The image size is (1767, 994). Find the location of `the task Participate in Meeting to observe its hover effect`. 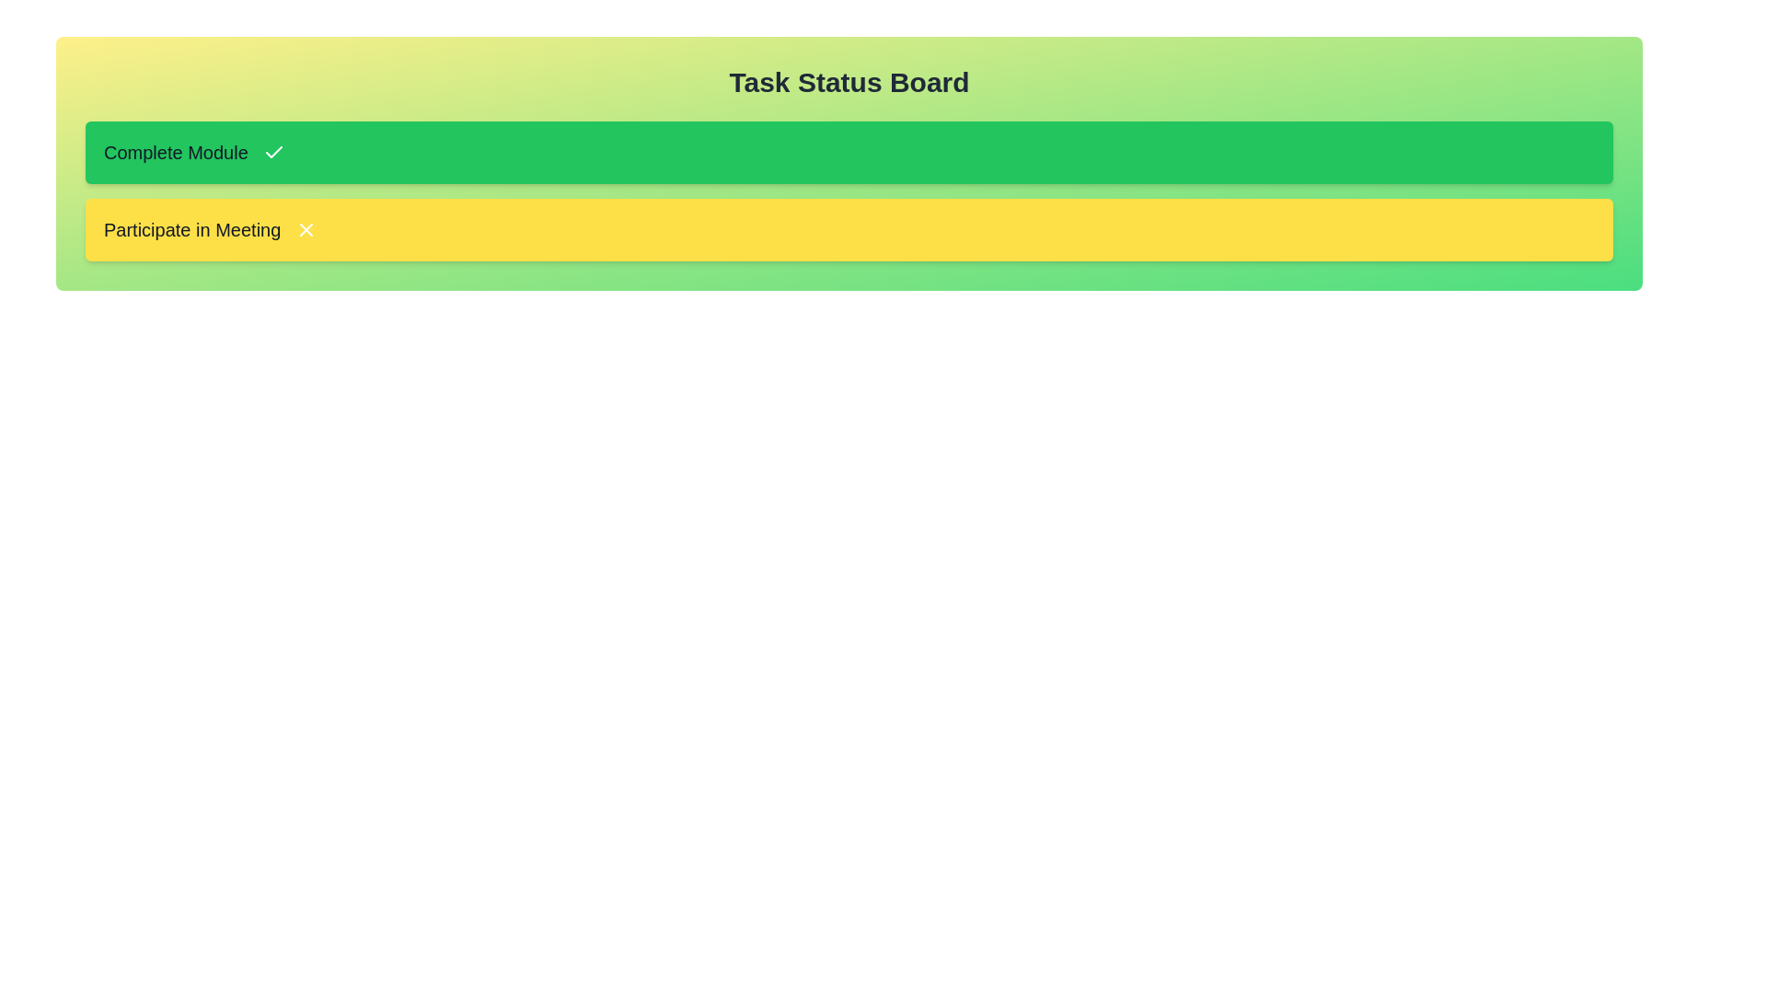

the task Participate in Meeting to observe its hover effect is located at coordinates (848, 229).